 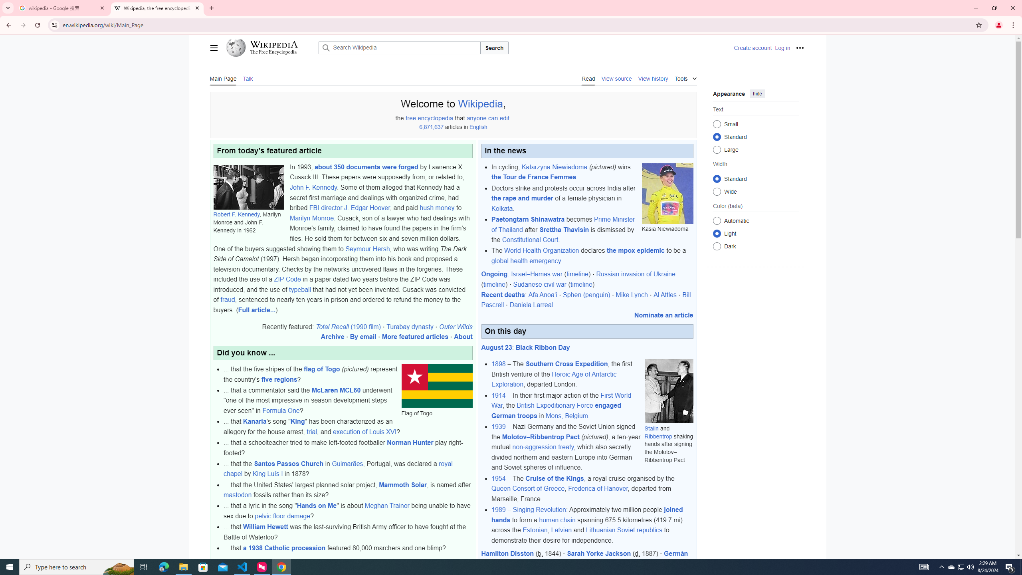 What do you see at coordinates (554, 167) in the screenshot?
I see `'Katarzyna Niewiadoma'` at bounding box center [554, 167].